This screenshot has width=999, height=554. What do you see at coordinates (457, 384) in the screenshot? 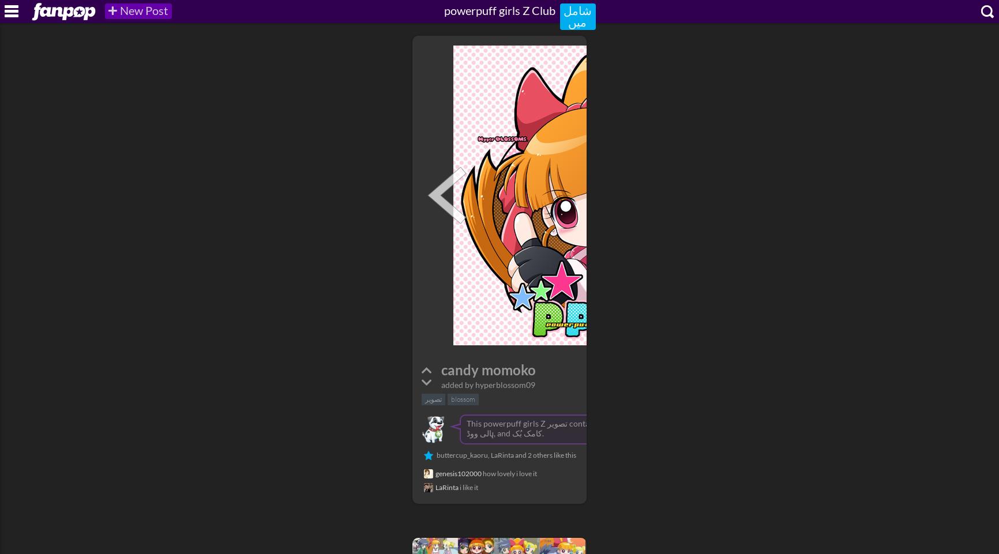
I see `'added by'` at bounding box center [457, 384].